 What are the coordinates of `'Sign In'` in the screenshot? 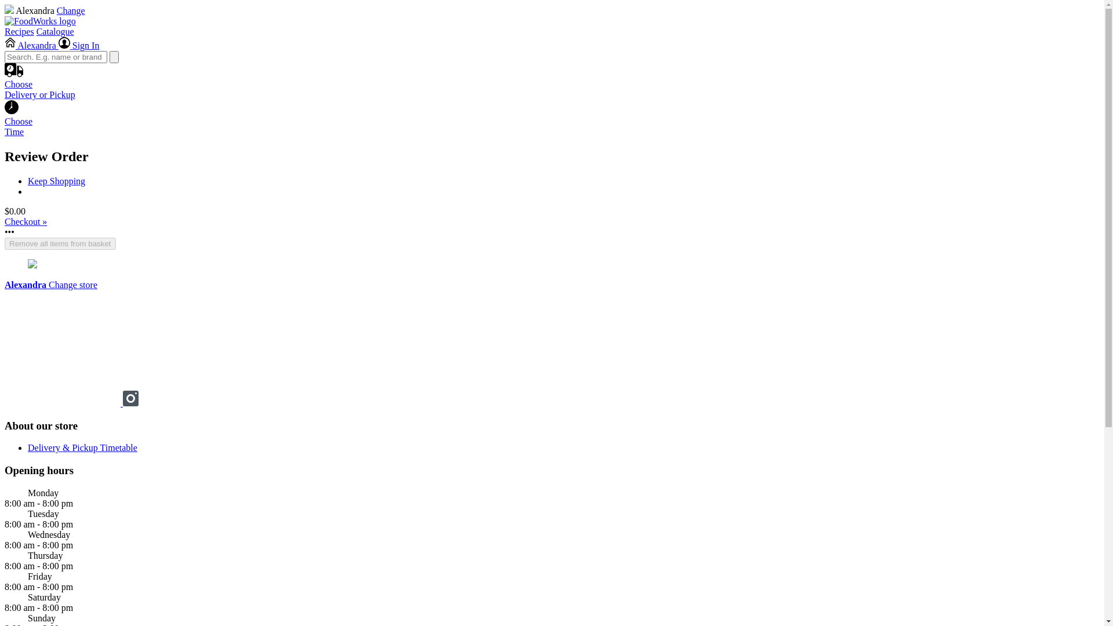 It's located at (57, 45).